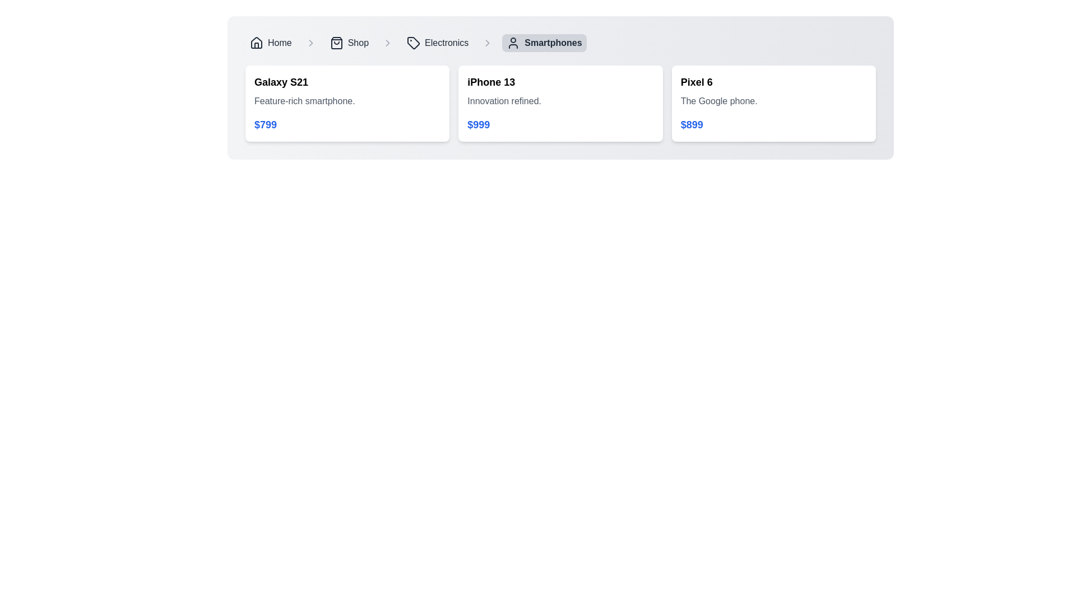 The height and width of the screenshot is (605, 1076). What do you see at coordinates (560, 104) in the screenshot?
I see `the Information Card displaying product details for the iPhone 13, which is the second card in a list of three cards` at bounding box center [560, 104].